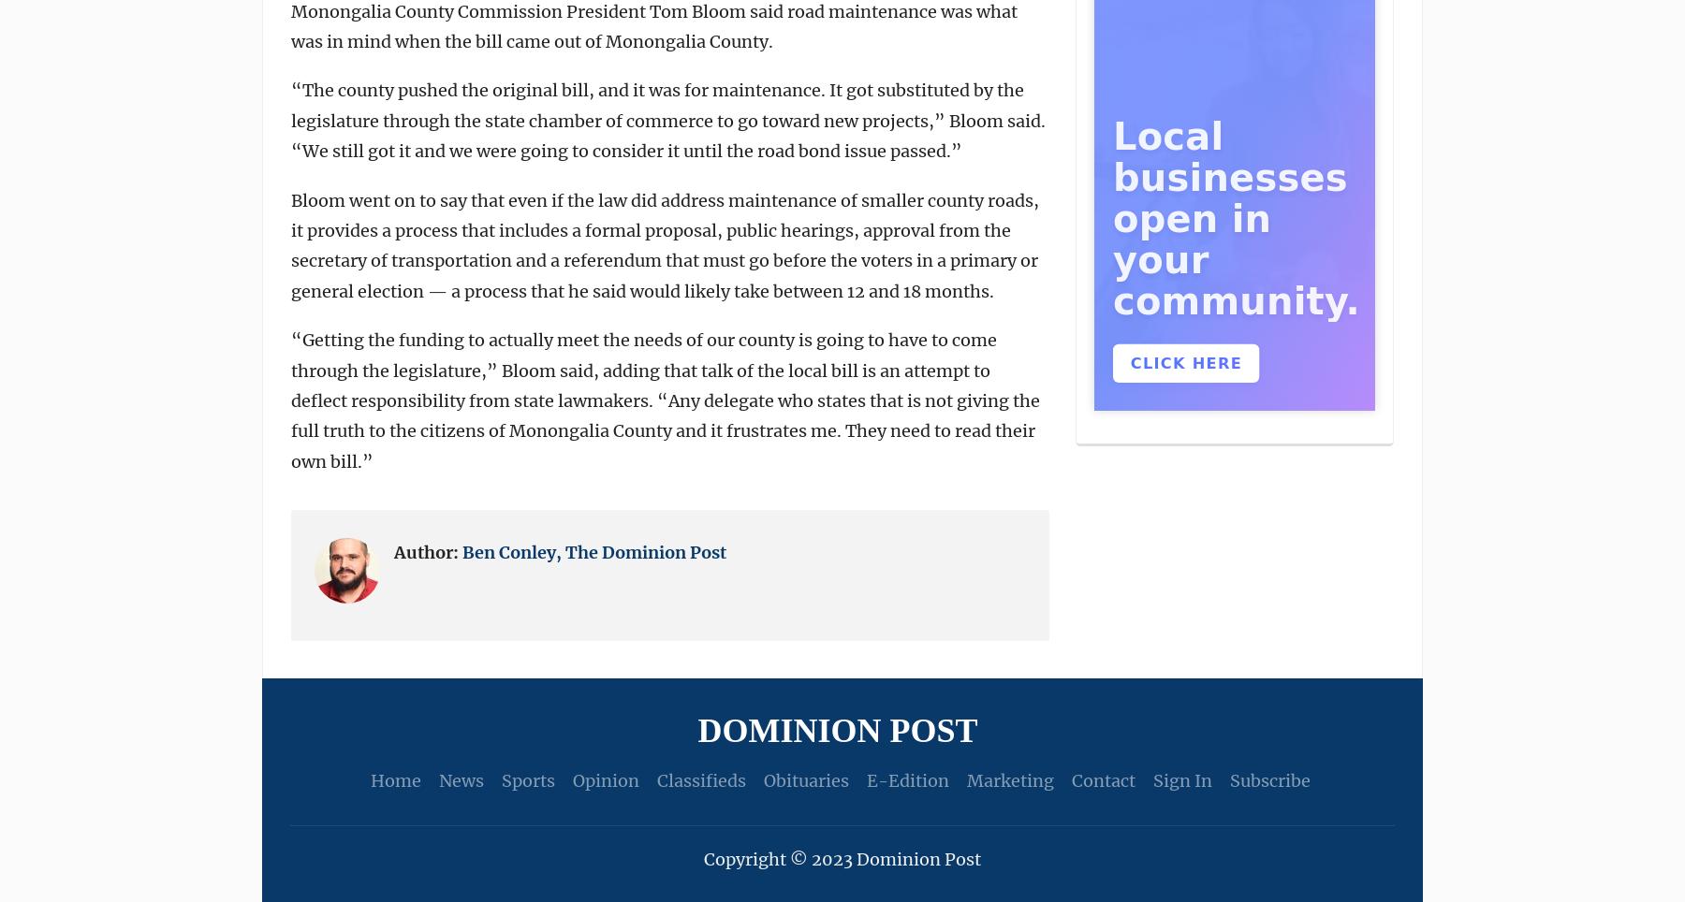  What do you see at coordinates (594, 551) in the screenshot?
I see `'Ben Conley, The Dominion Post'` at bounding box center [594, 551].